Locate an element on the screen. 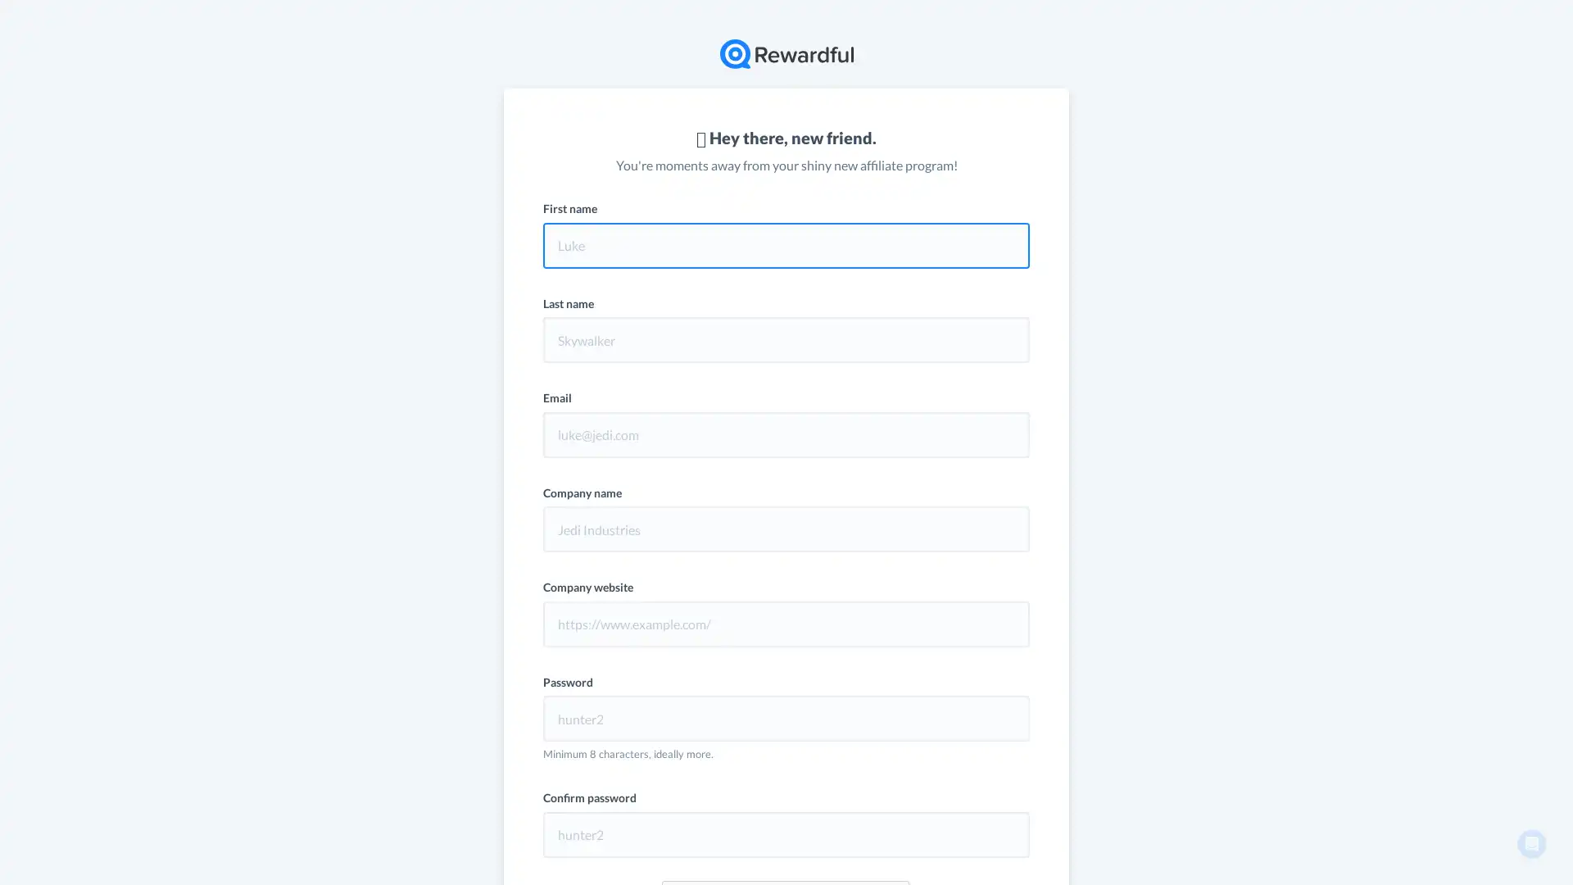 The width and height of the screenshot is (1573, 885). Open Intercom Messenger is located at coordinates (1531, 843).